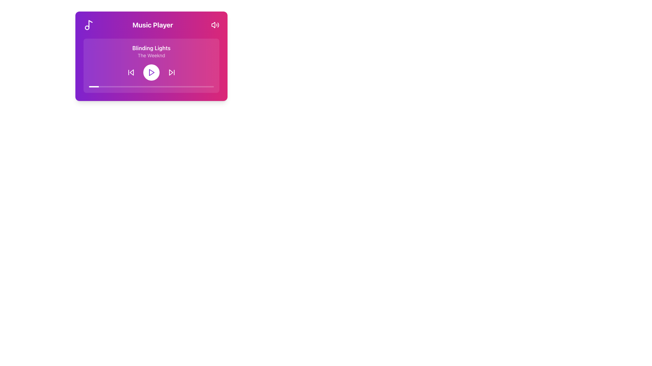  Describe the element at coordinates (151, 72) in the screenshot. I see `the white circular button with a purple play icon, which is the second in a group of three buttons within the music player interface` at that location.